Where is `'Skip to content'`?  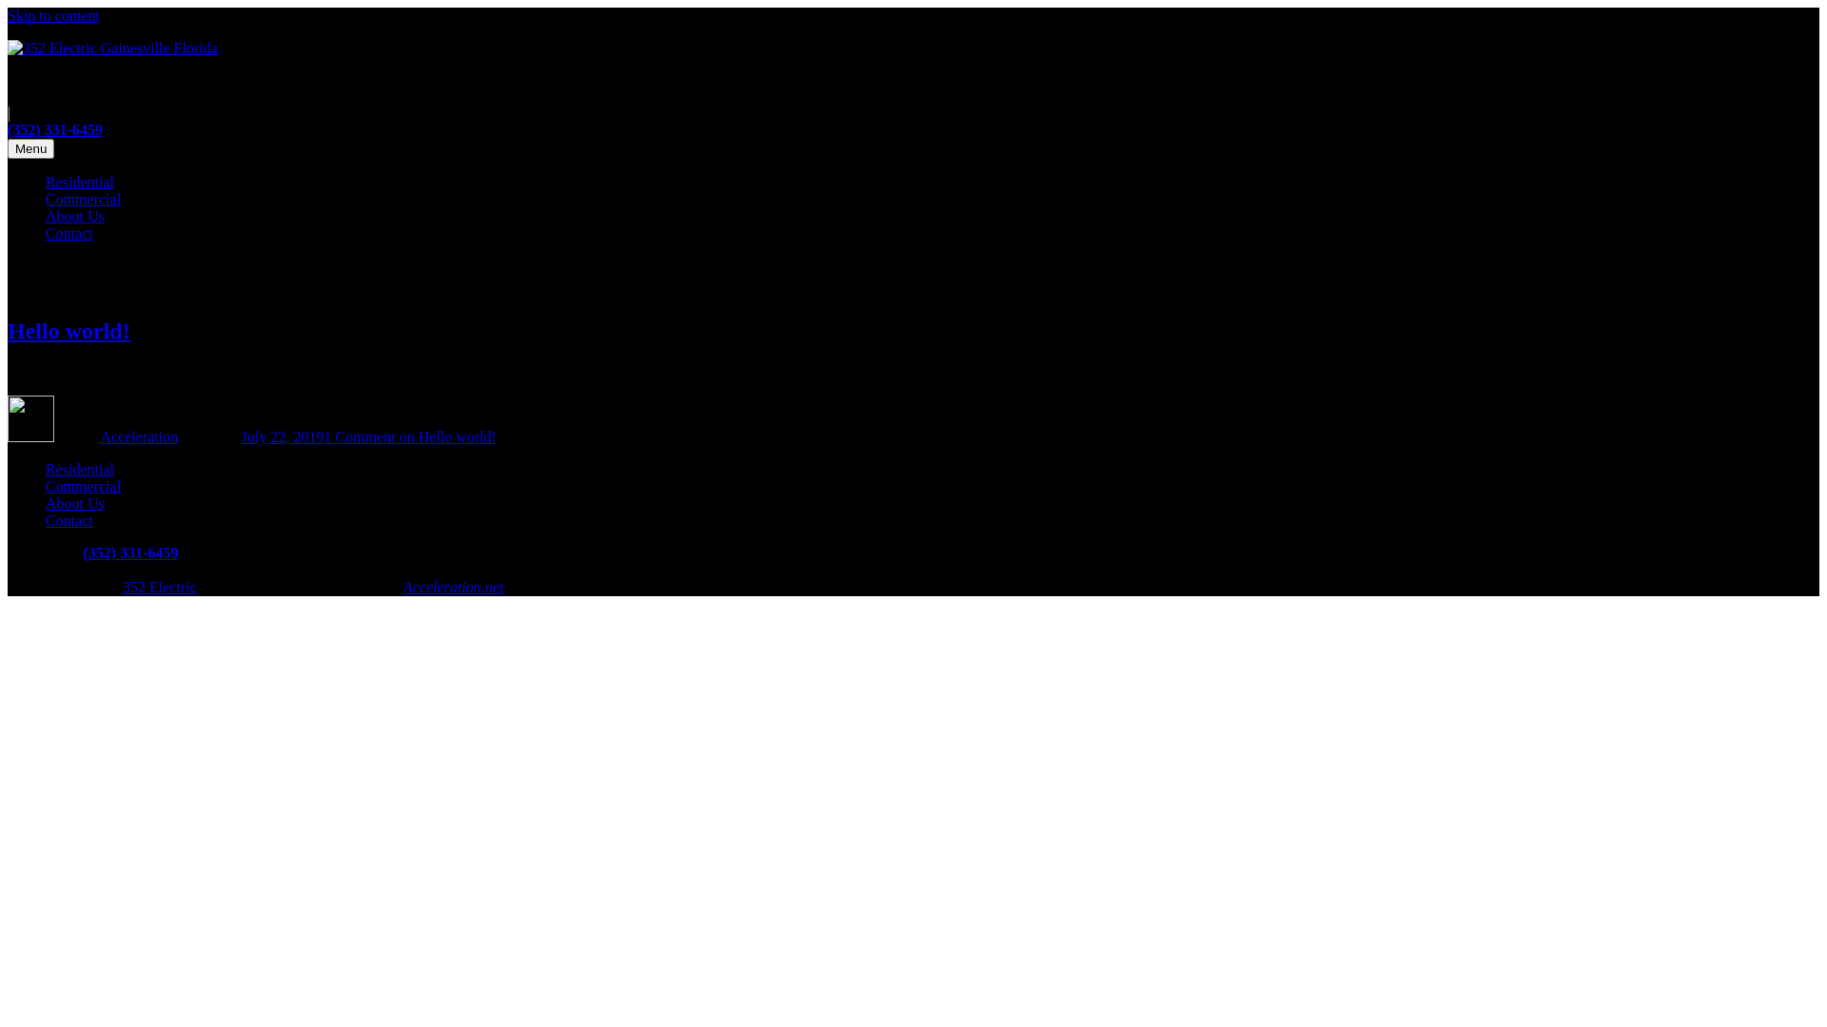 'Skip to content' is located at coordinates (53, 15).